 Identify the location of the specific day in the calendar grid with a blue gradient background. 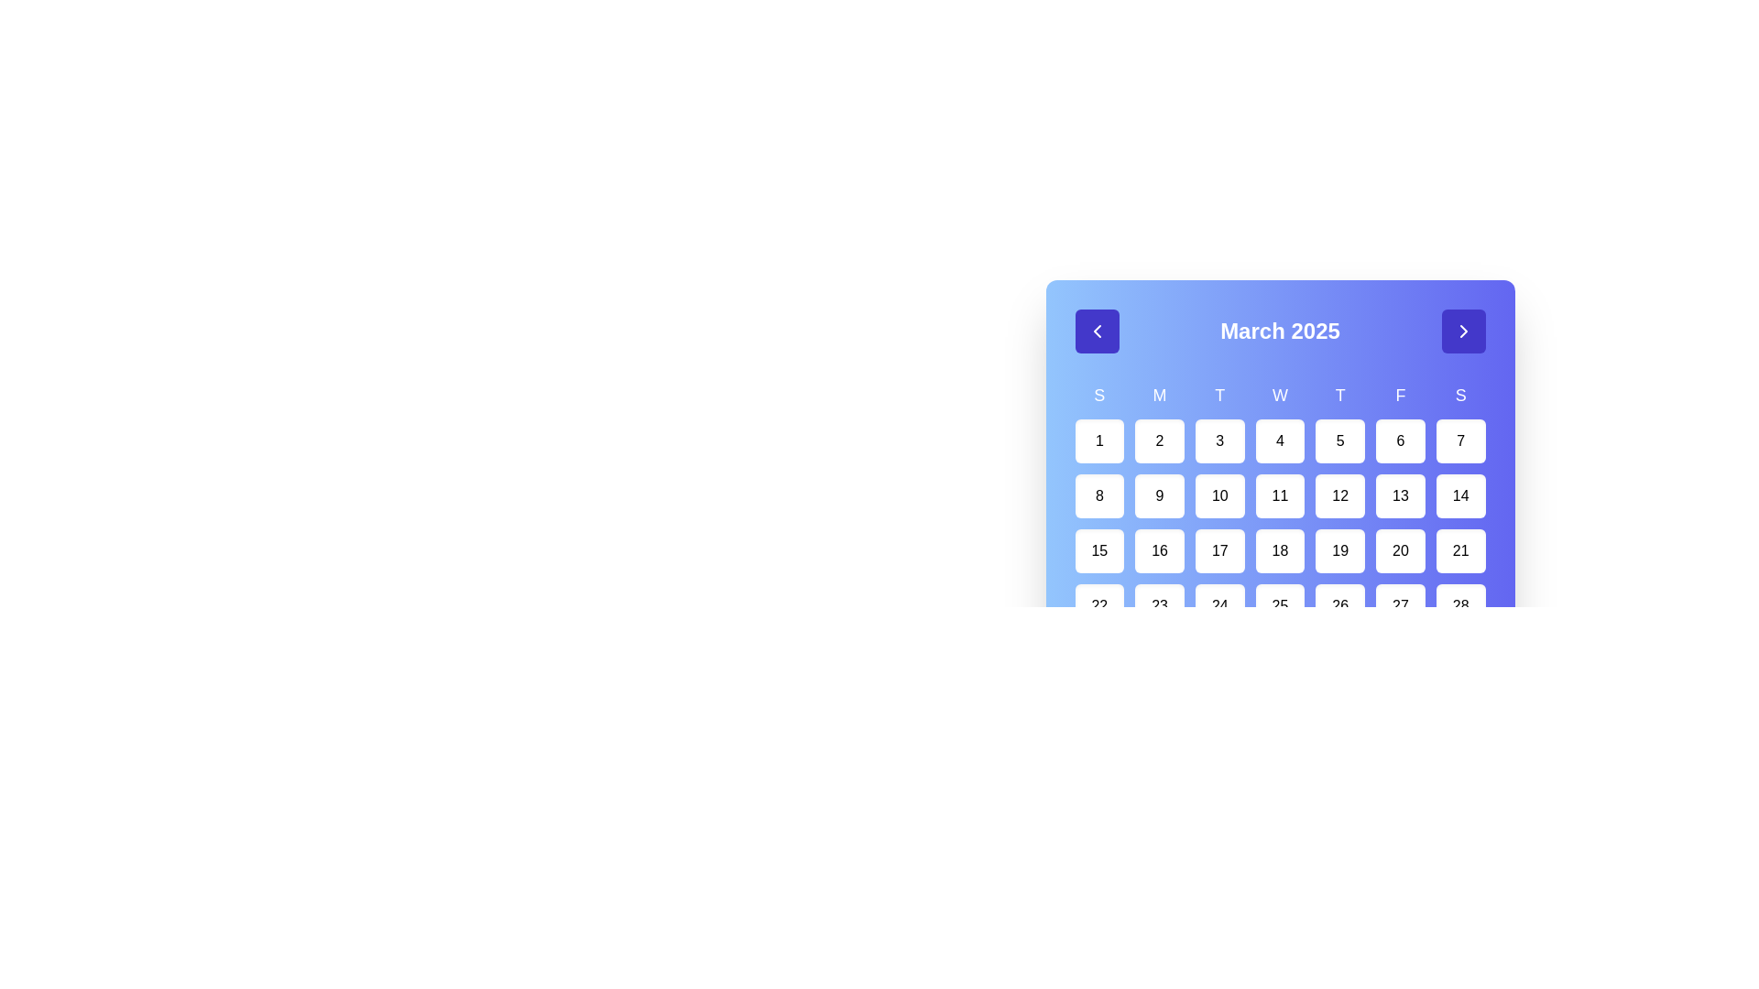
(1279, 560).